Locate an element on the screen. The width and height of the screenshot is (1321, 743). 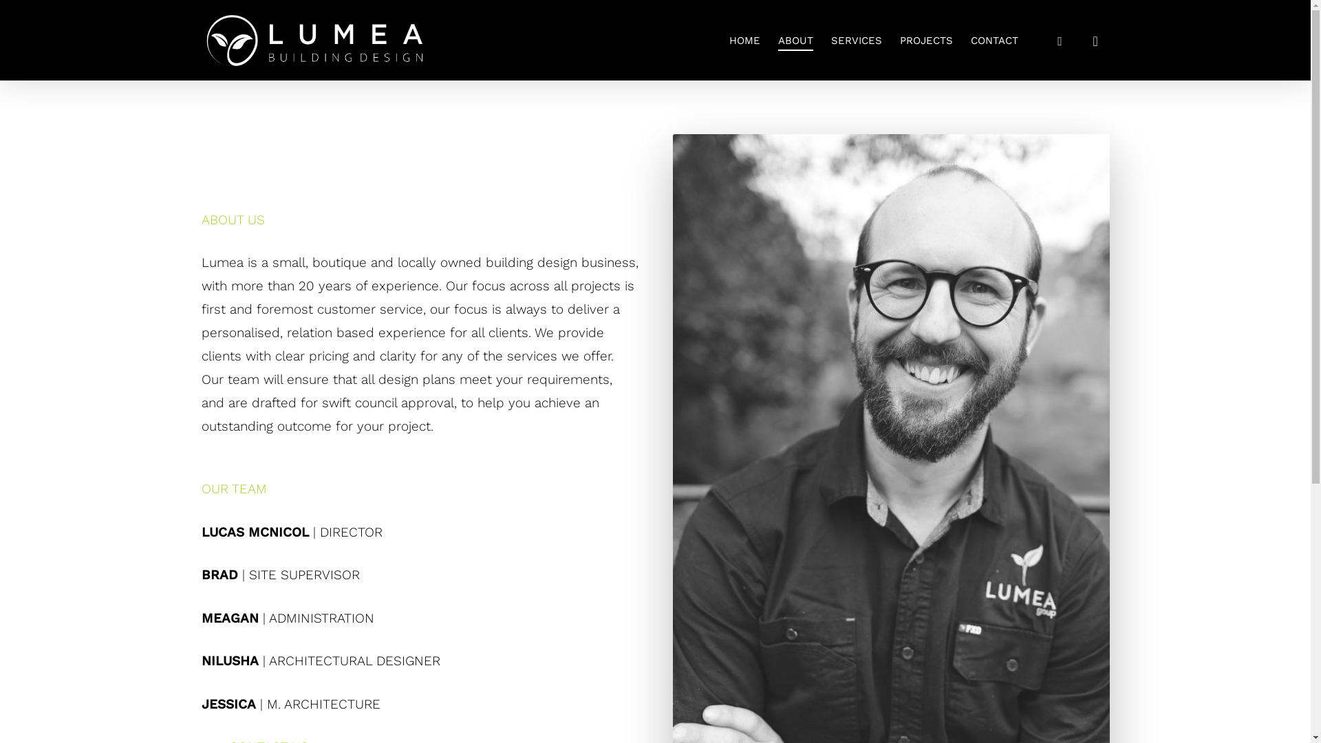
'PROJECTS' is located at coordinates (926, 39).